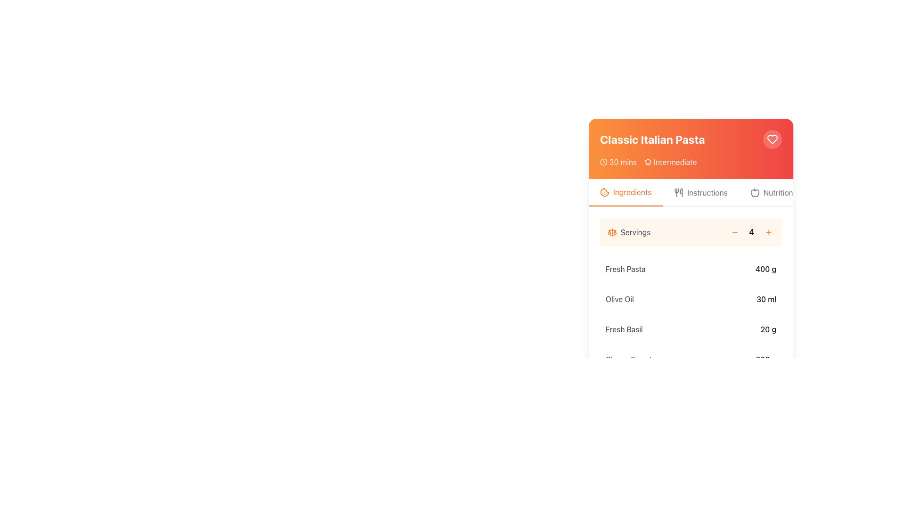 Image resolution: width=905 pixels, height=509 pixels. What do you see at coordinates (691, 192) in the screenshot?
I see `the 'Instructions' tab button in the horizontal menu` at bounding box center [691, 192].